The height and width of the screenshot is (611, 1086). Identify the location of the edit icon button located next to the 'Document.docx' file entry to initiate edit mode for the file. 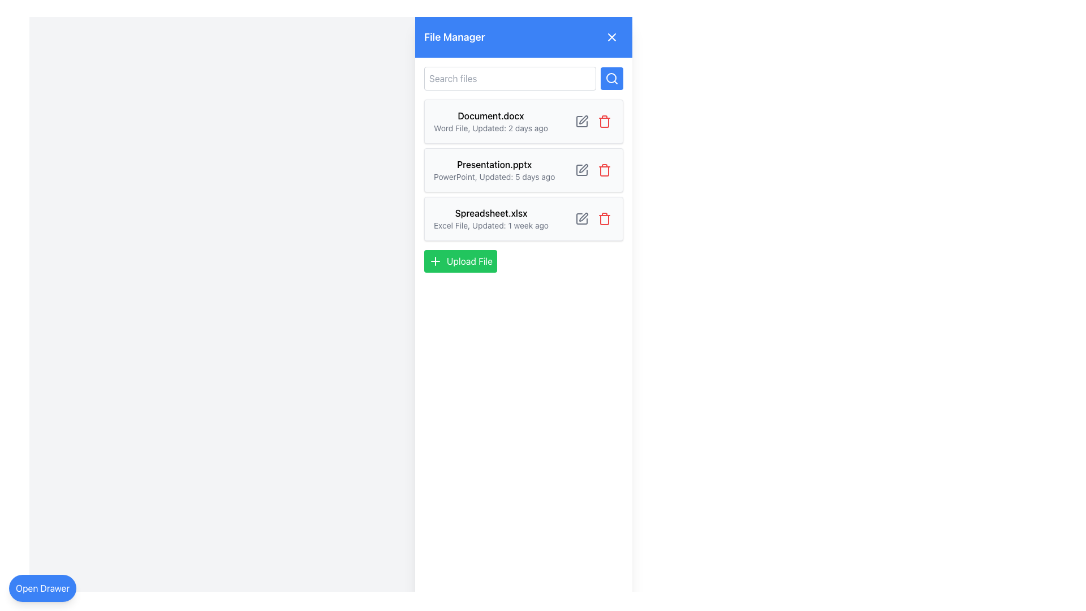
(581, 122).